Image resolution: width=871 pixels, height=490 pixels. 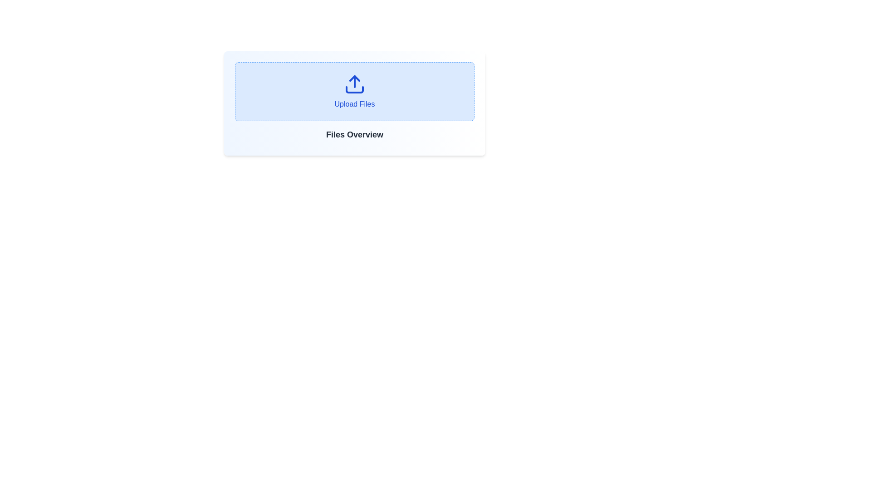 What do you see at coordinates (354, 78) in the screenshot?
I see `the triangular component of the upload icon, which is blue and depicts an upward arrow, located above the vertical line and below the horizontal line in the 'Upload Files' section` at bounding box center [354, 78].